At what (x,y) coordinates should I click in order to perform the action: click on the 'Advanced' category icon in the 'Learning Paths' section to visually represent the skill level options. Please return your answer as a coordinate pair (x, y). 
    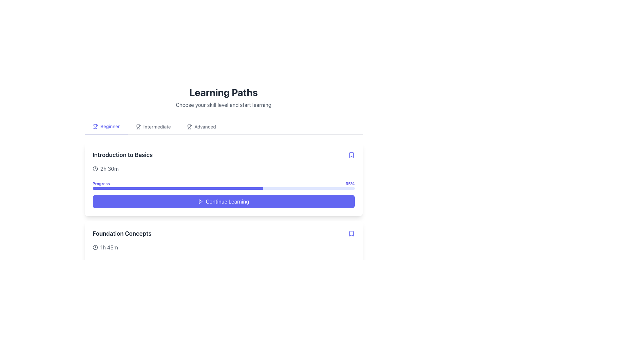
    Looking at the image, I should click on (189, 126).